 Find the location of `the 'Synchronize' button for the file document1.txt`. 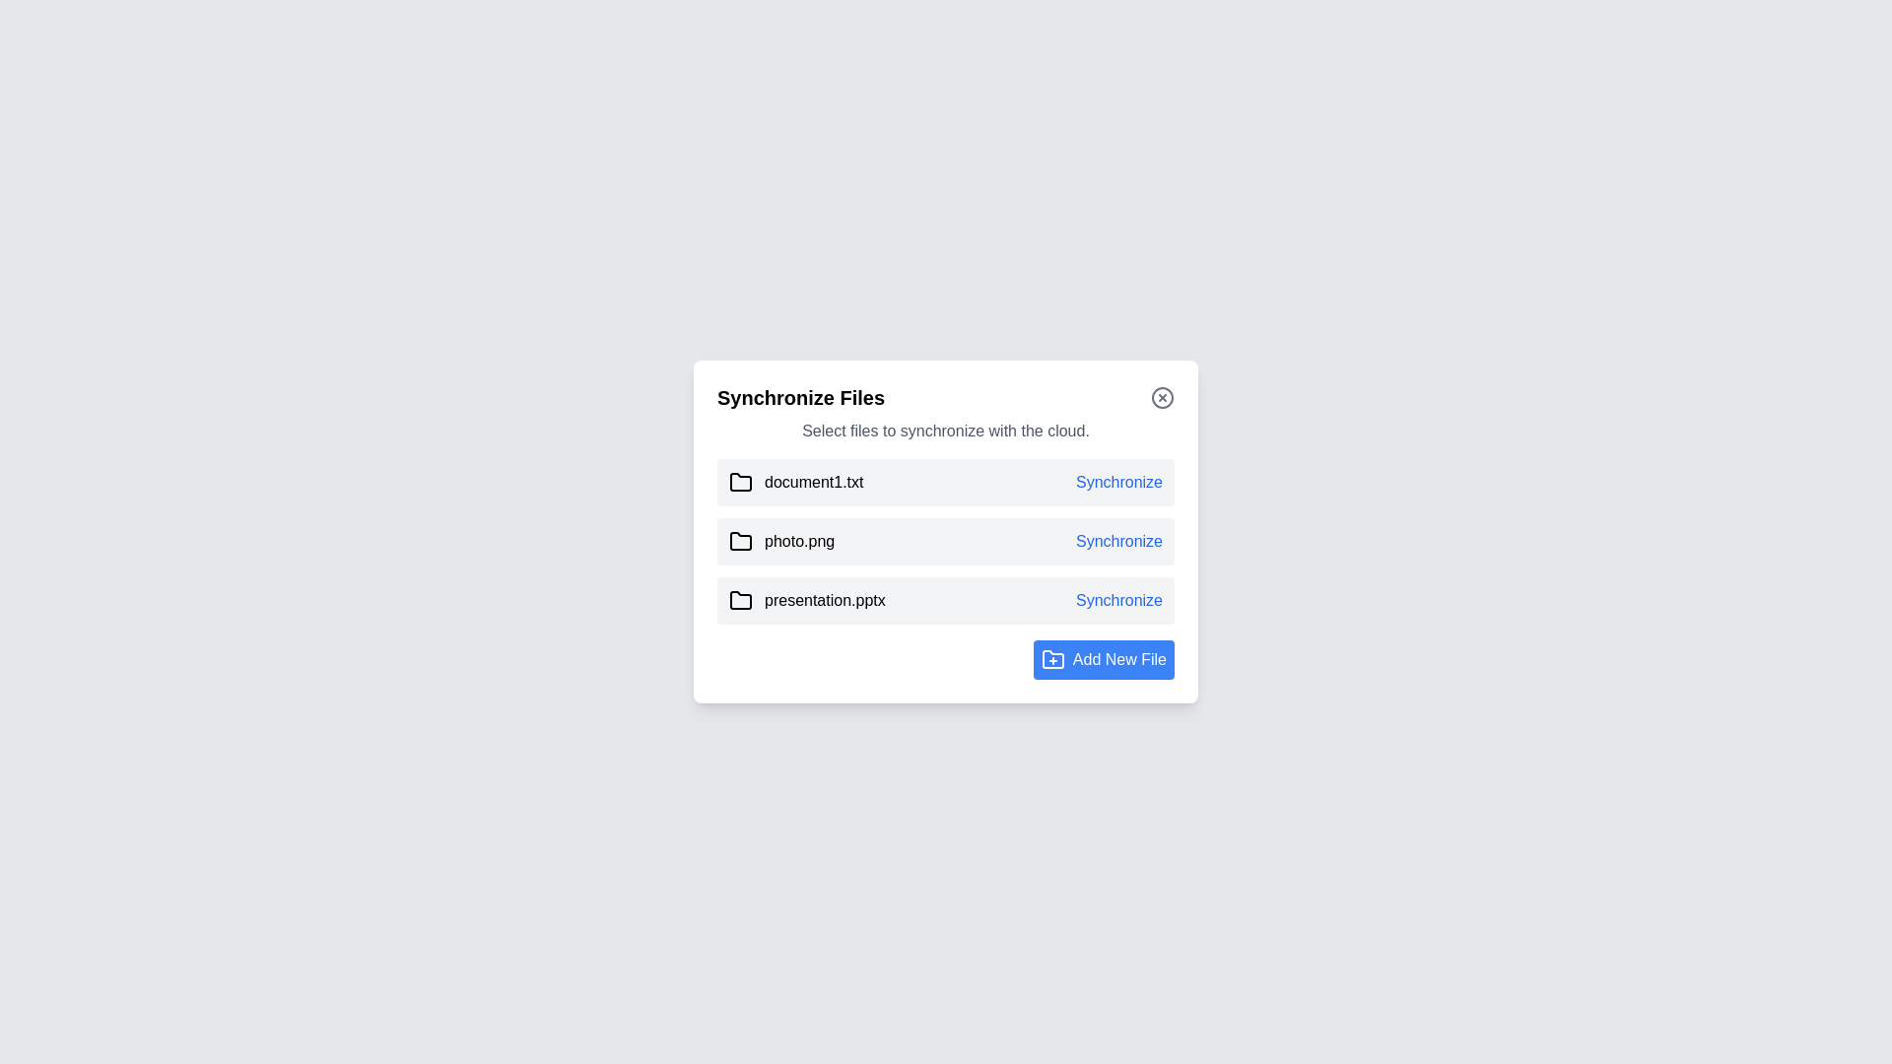

the 'Synchronize' button for the file document1.txt is located at coordinates (1119, 482).